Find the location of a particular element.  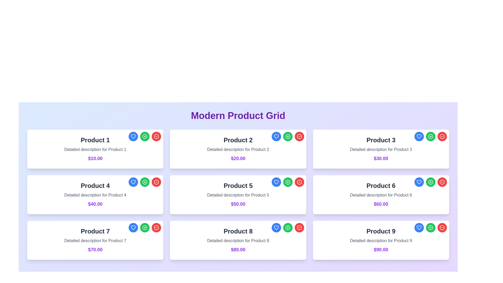

the 'Add to cart' button for Product 8, which is located in the third row, positioned to the right of the product card and adjacent to the heart-shaped icon is located at coordinates (287, 227).